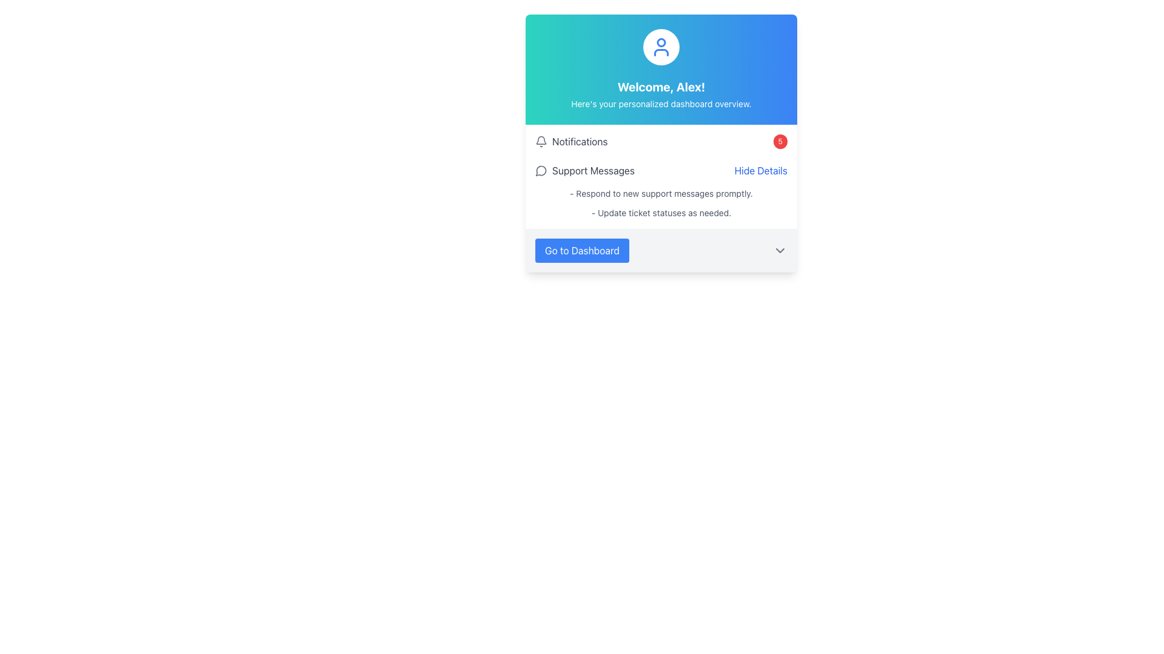 This screenshot has width=1164, height=654. I want to click on the welcome message in the Header Section which provides a personalized greeting and overview for the user, so click(660, 70).